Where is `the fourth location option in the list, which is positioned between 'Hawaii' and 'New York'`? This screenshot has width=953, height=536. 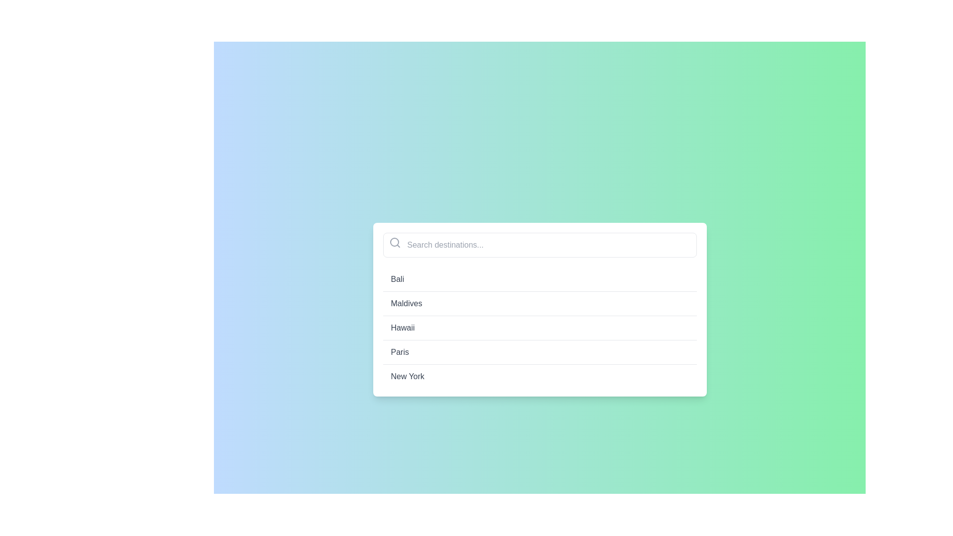 the fourth location option in the list, which is positioned between 'Hawaii' and 'New York' is located at coordinates (539, 351).